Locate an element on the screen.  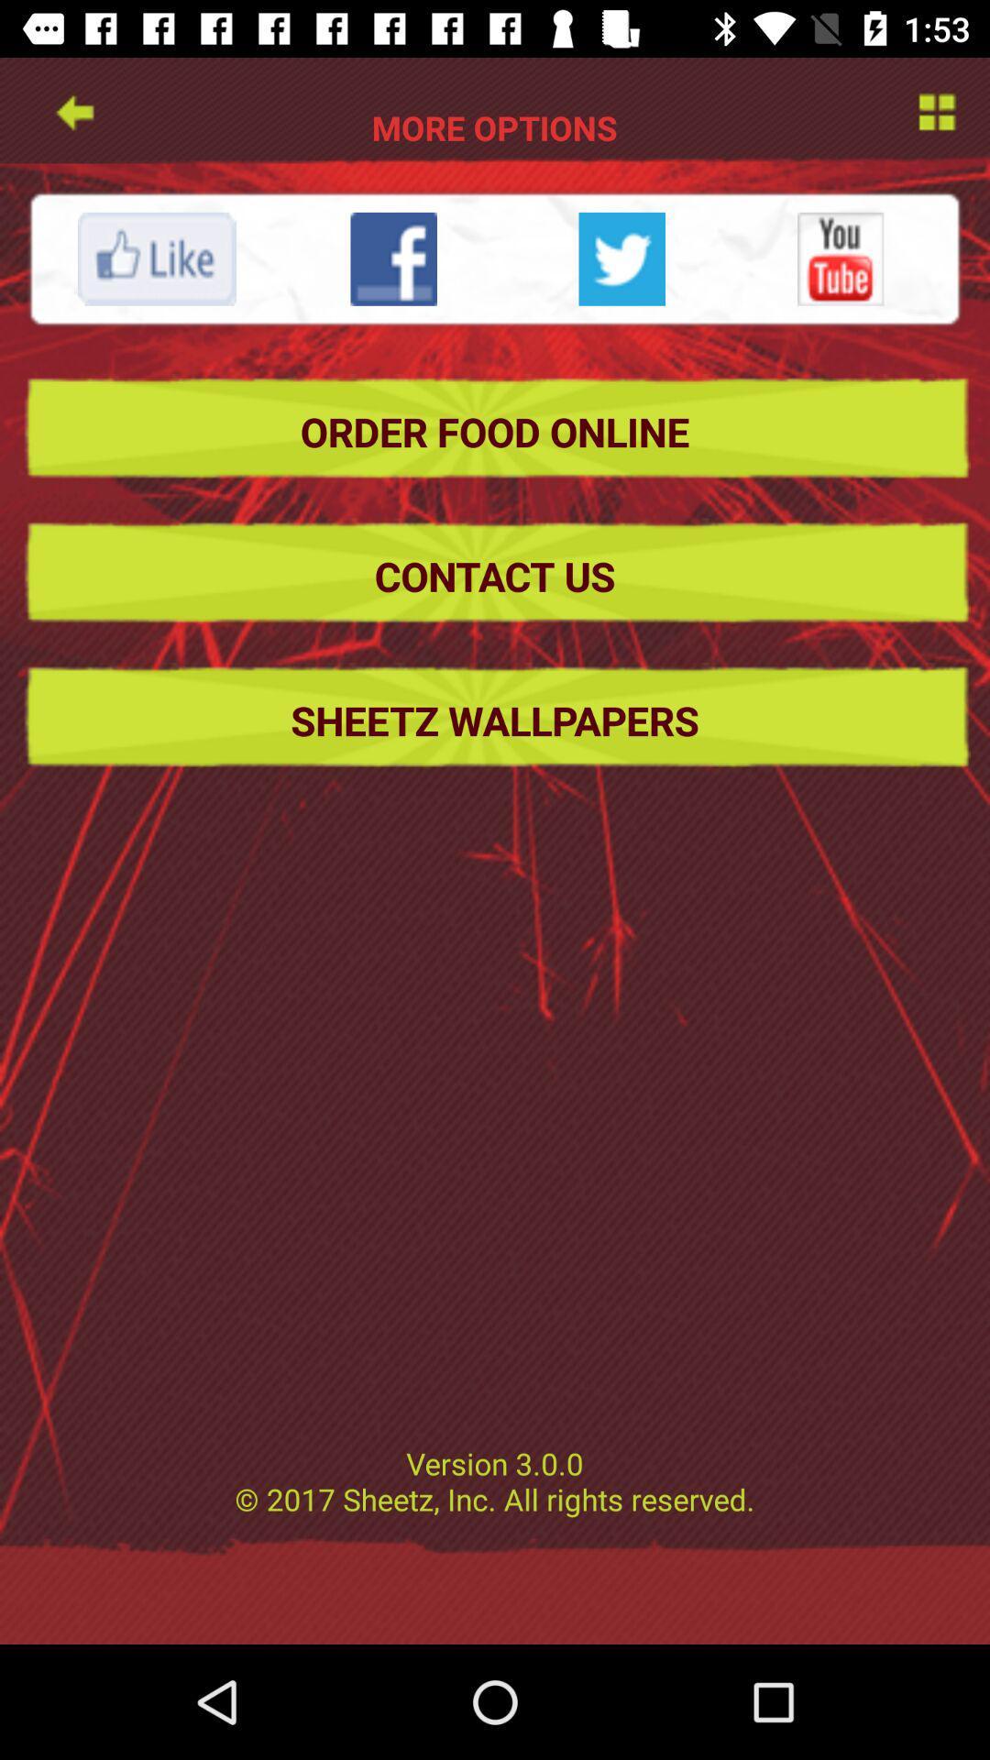
back word is located at coordinates (73, 109).